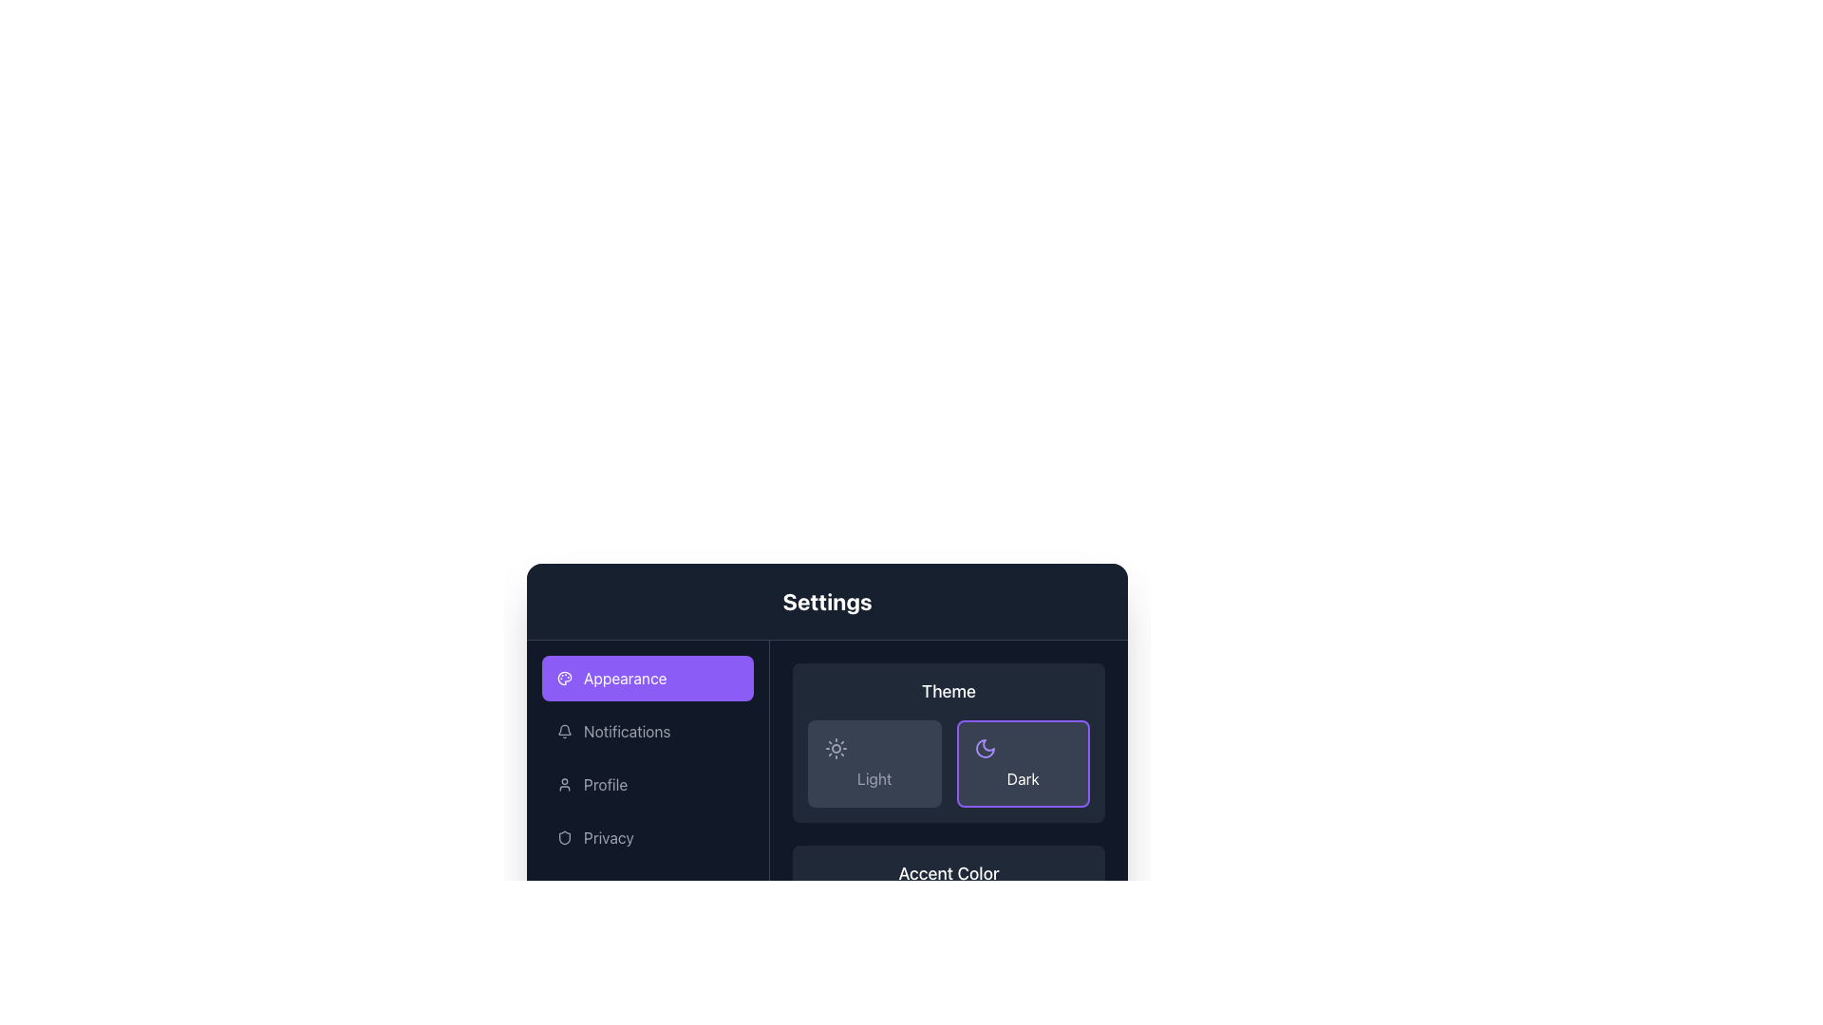 Image resolution: width=1823 pixels, height=1025 pixels. What do you see at coordinates (564, 677) in the screenshot?
I see `the appearance of the circular palette icon located adjacent to the 'Appearance' label within the left side menu of the SVG component` at bounding box center [564, 677].